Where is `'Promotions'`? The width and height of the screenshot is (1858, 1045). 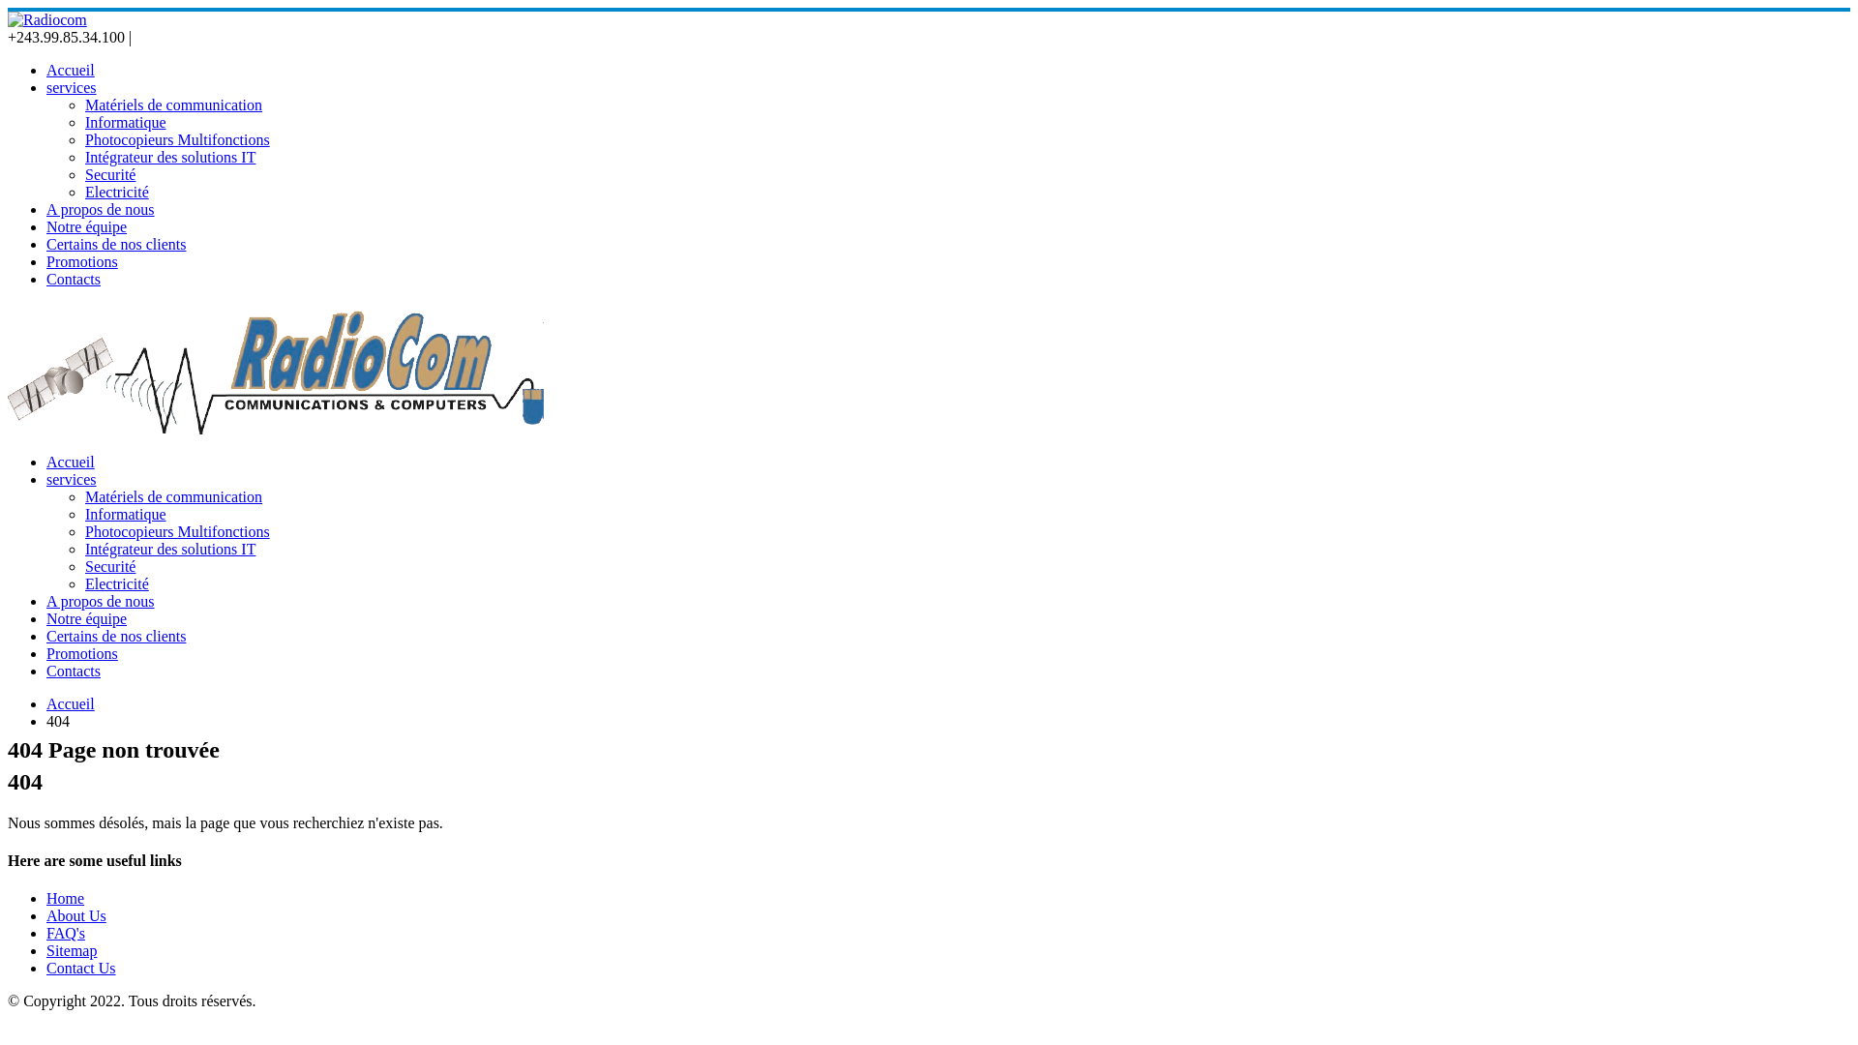 'Promotions' is located at coordinates (81, 261).